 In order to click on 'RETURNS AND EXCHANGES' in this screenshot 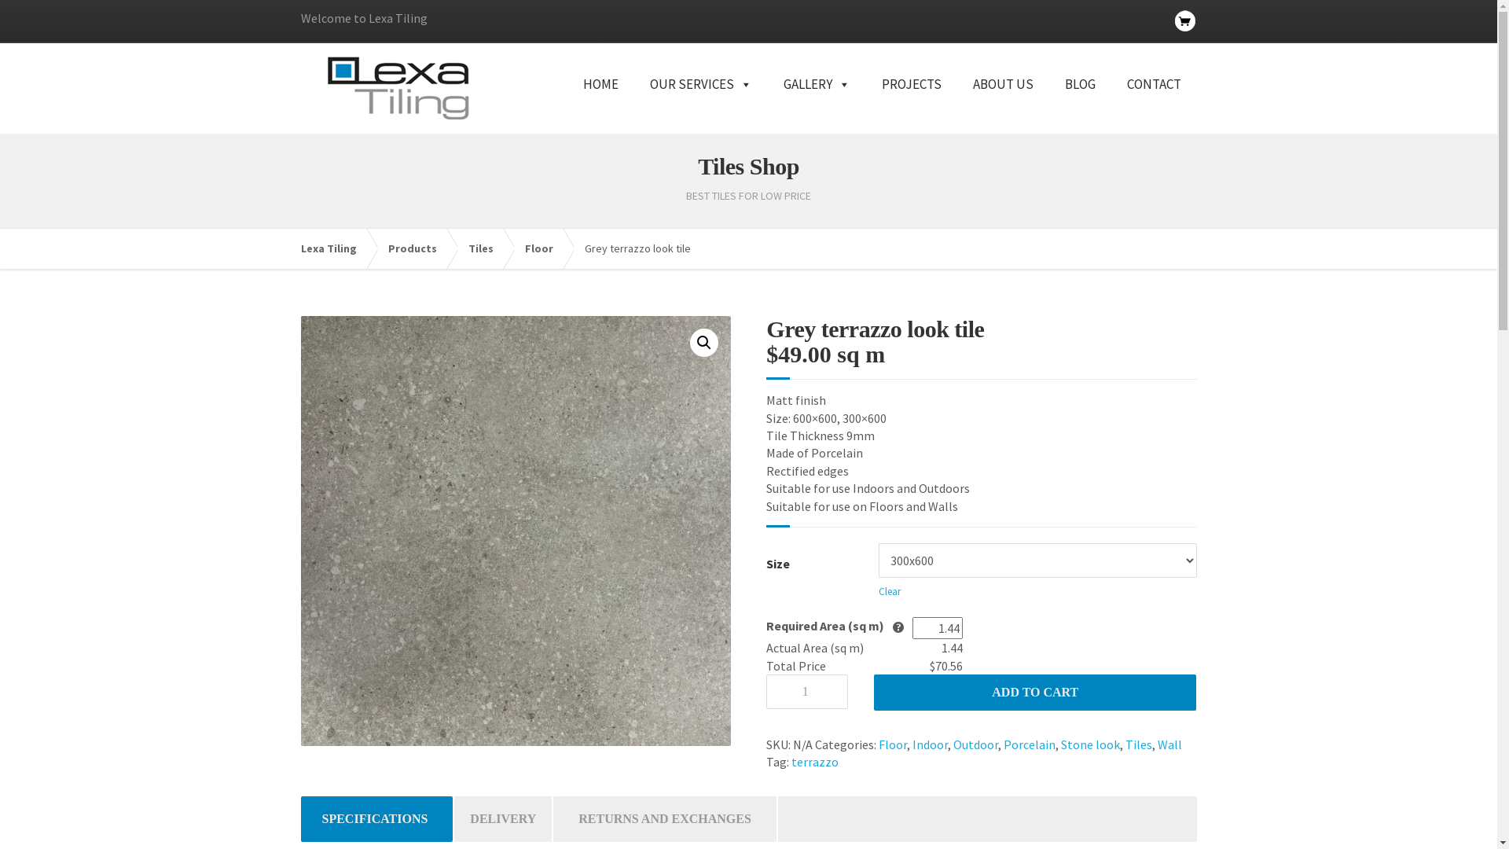, I will do `click(664, 818)`.